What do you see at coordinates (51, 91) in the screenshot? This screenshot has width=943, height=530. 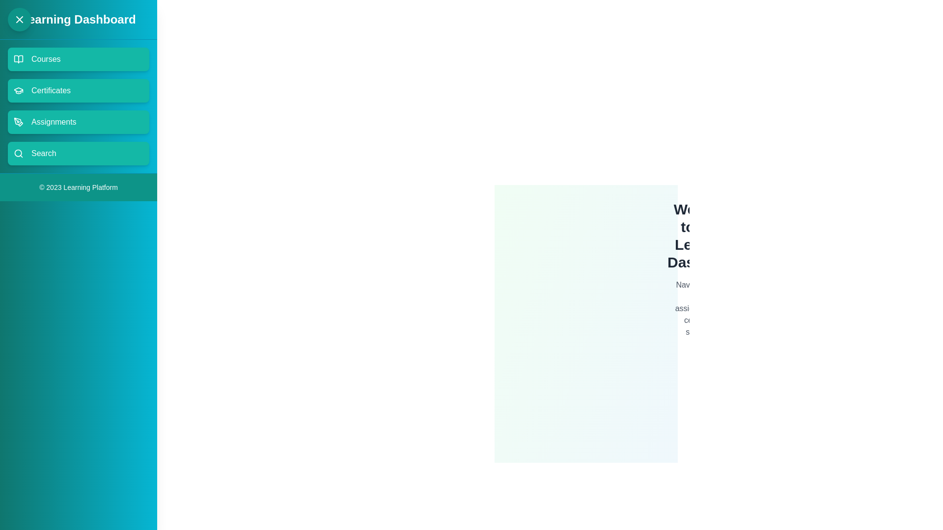 I see `the navigation button labeled 'Certificates' located in the sidebar menu, which is the second item from the top and has a graduation cap icon to its left` at bounding box center [51, 91].